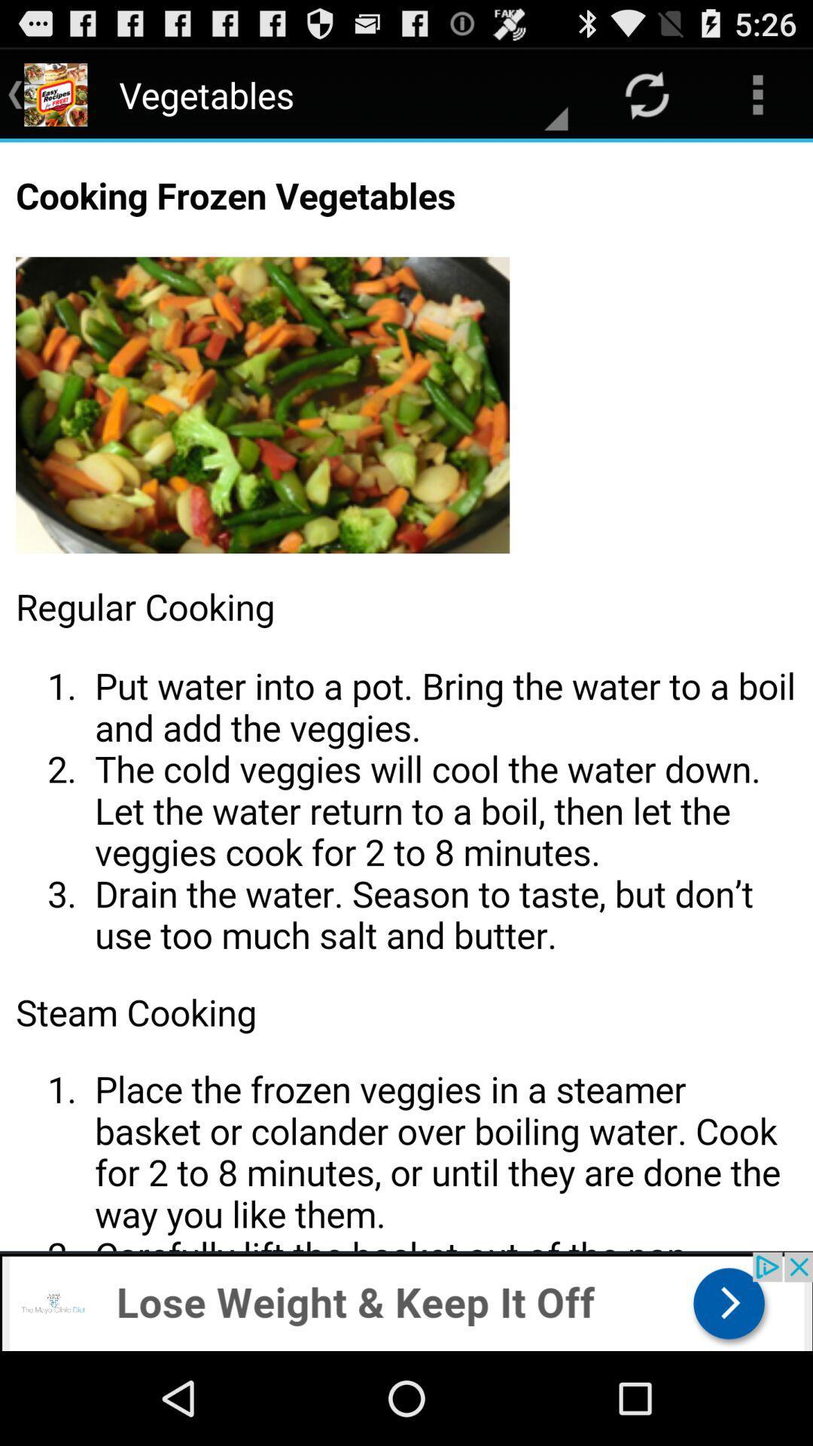 This screenshot has width=813, height=1446. What do you see at coordinates (406, 1301) in the screenshot?
I see `advertisement` at bounding box center [406, 1301].